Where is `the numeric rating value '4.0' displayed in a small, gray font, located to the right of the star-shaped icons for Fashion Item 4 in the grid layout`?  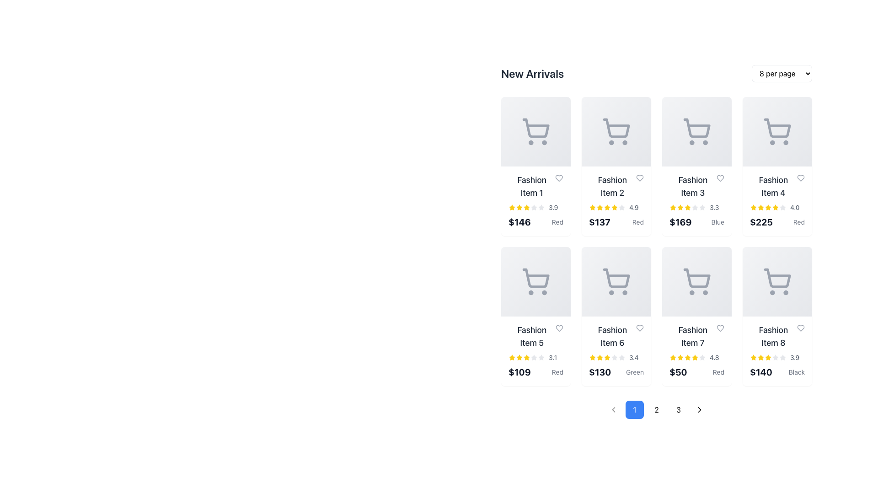
the numeric rating value '4.0' displayed in a small, gray font, located to the right of the star-shaped icons for Fashion Item 4 in the grid layout is located at coordinates (794, 208).